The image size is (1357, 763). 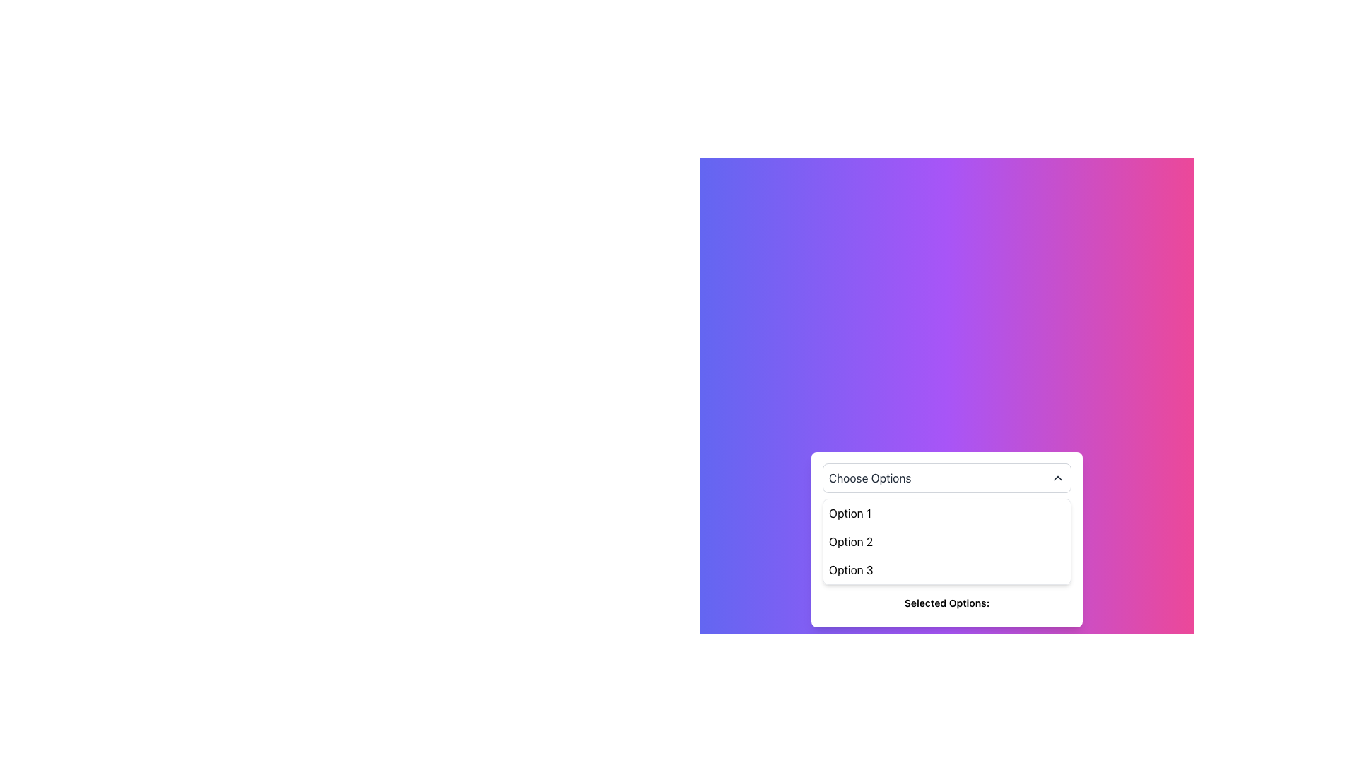 I want to click on the first selectable option in the dropdown menu located beneath the 'Choose Options' label, so click(x=850, y=513).